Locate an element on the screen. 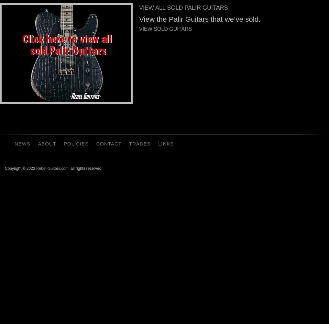  'About' is located at coordinates (47, 143).